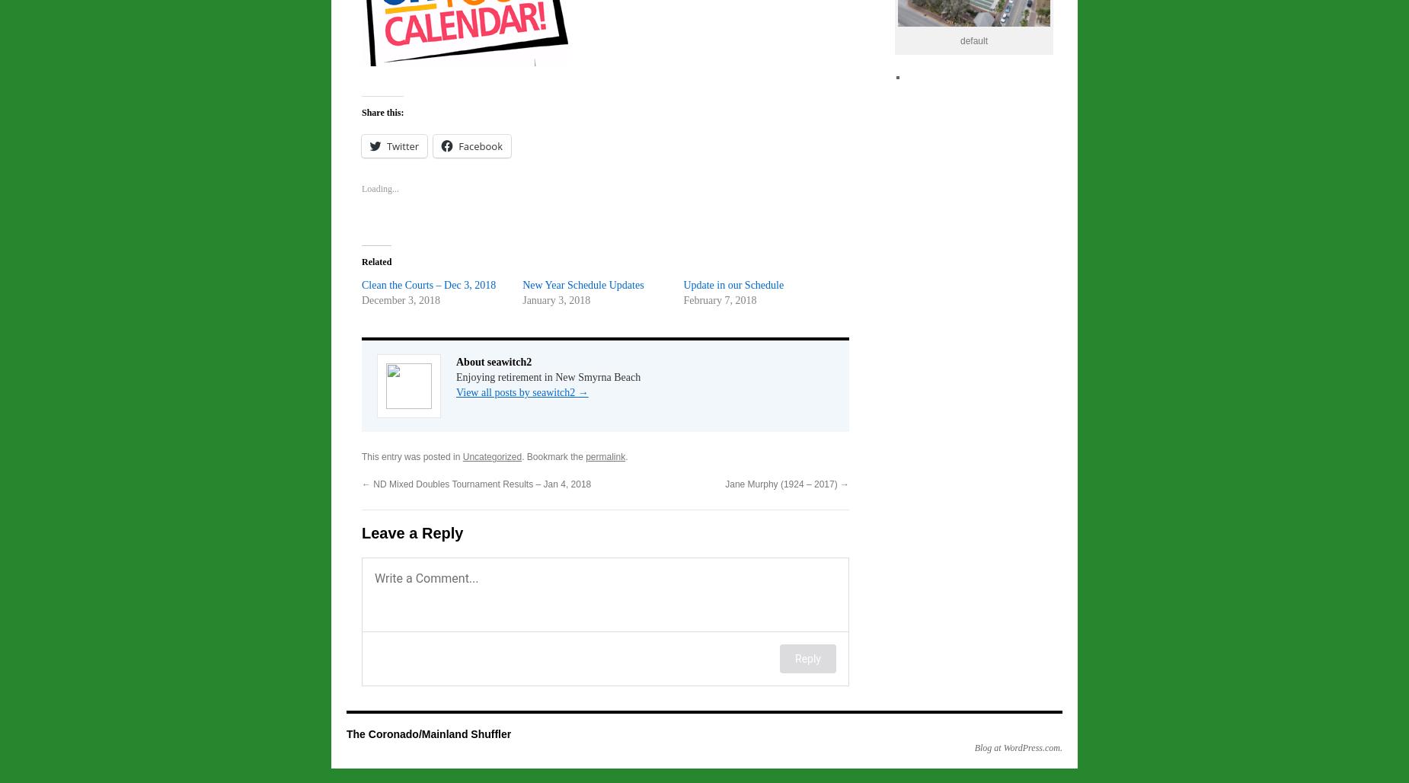 This screenshot has height=783, width=1409. I want to click on 'Leave a Reply', so click(362, 532).